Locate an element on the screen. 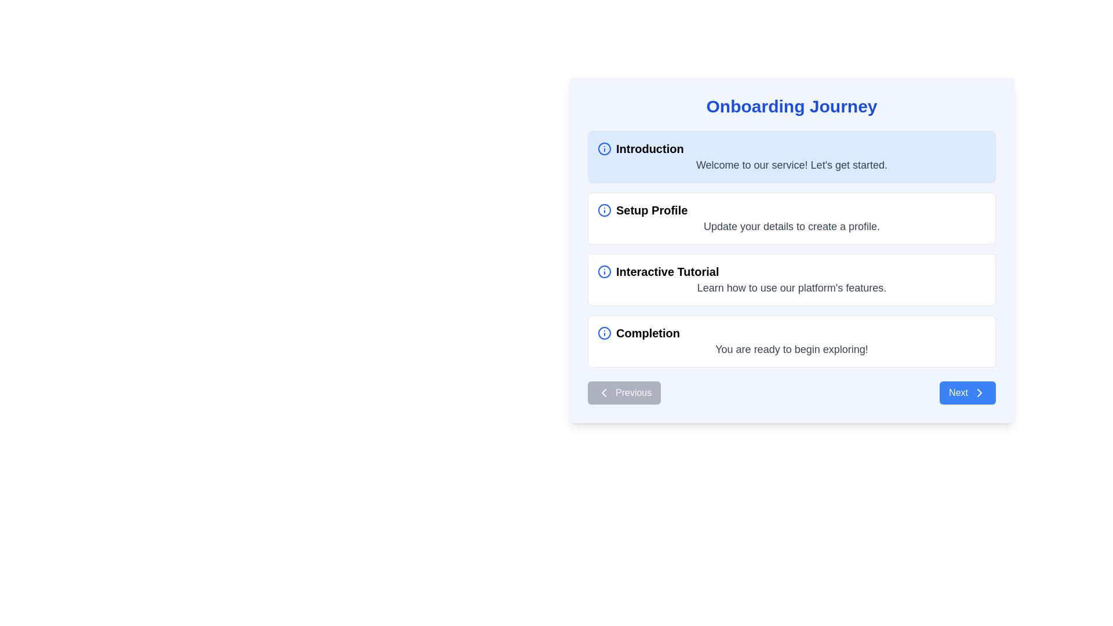 The width and height of the screenshot is (1113, 626). the informational icon, which is a circle with a blue border and an 'i' inside, located to the left of the text 'Completion' in the last entry of a vertical list is located at coordinates (603, 333).